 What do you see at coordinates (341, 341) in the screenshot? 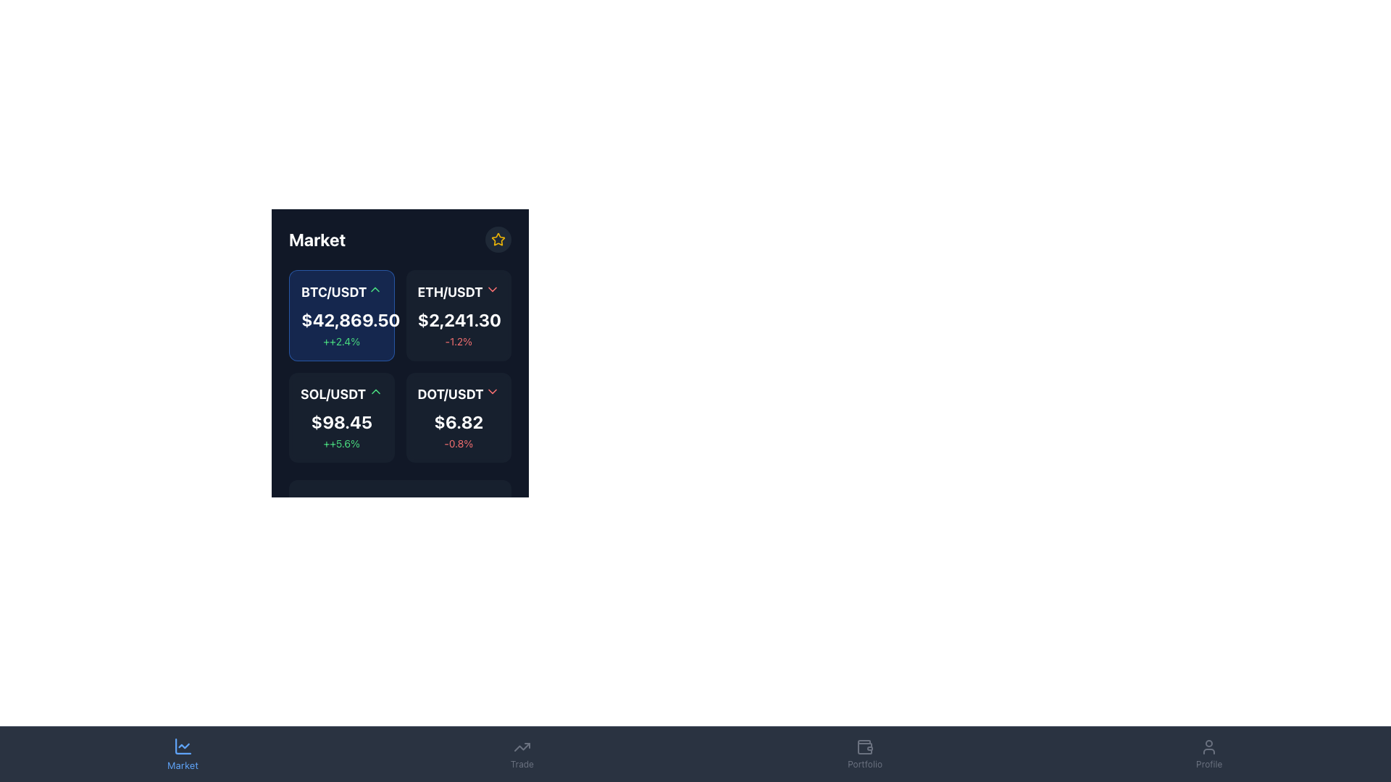
I see `the Text Label that displays a positive growth of 2.4% below the price value '$42,869.50' in the BTC/USDT card` at bounding box center [341, 341].